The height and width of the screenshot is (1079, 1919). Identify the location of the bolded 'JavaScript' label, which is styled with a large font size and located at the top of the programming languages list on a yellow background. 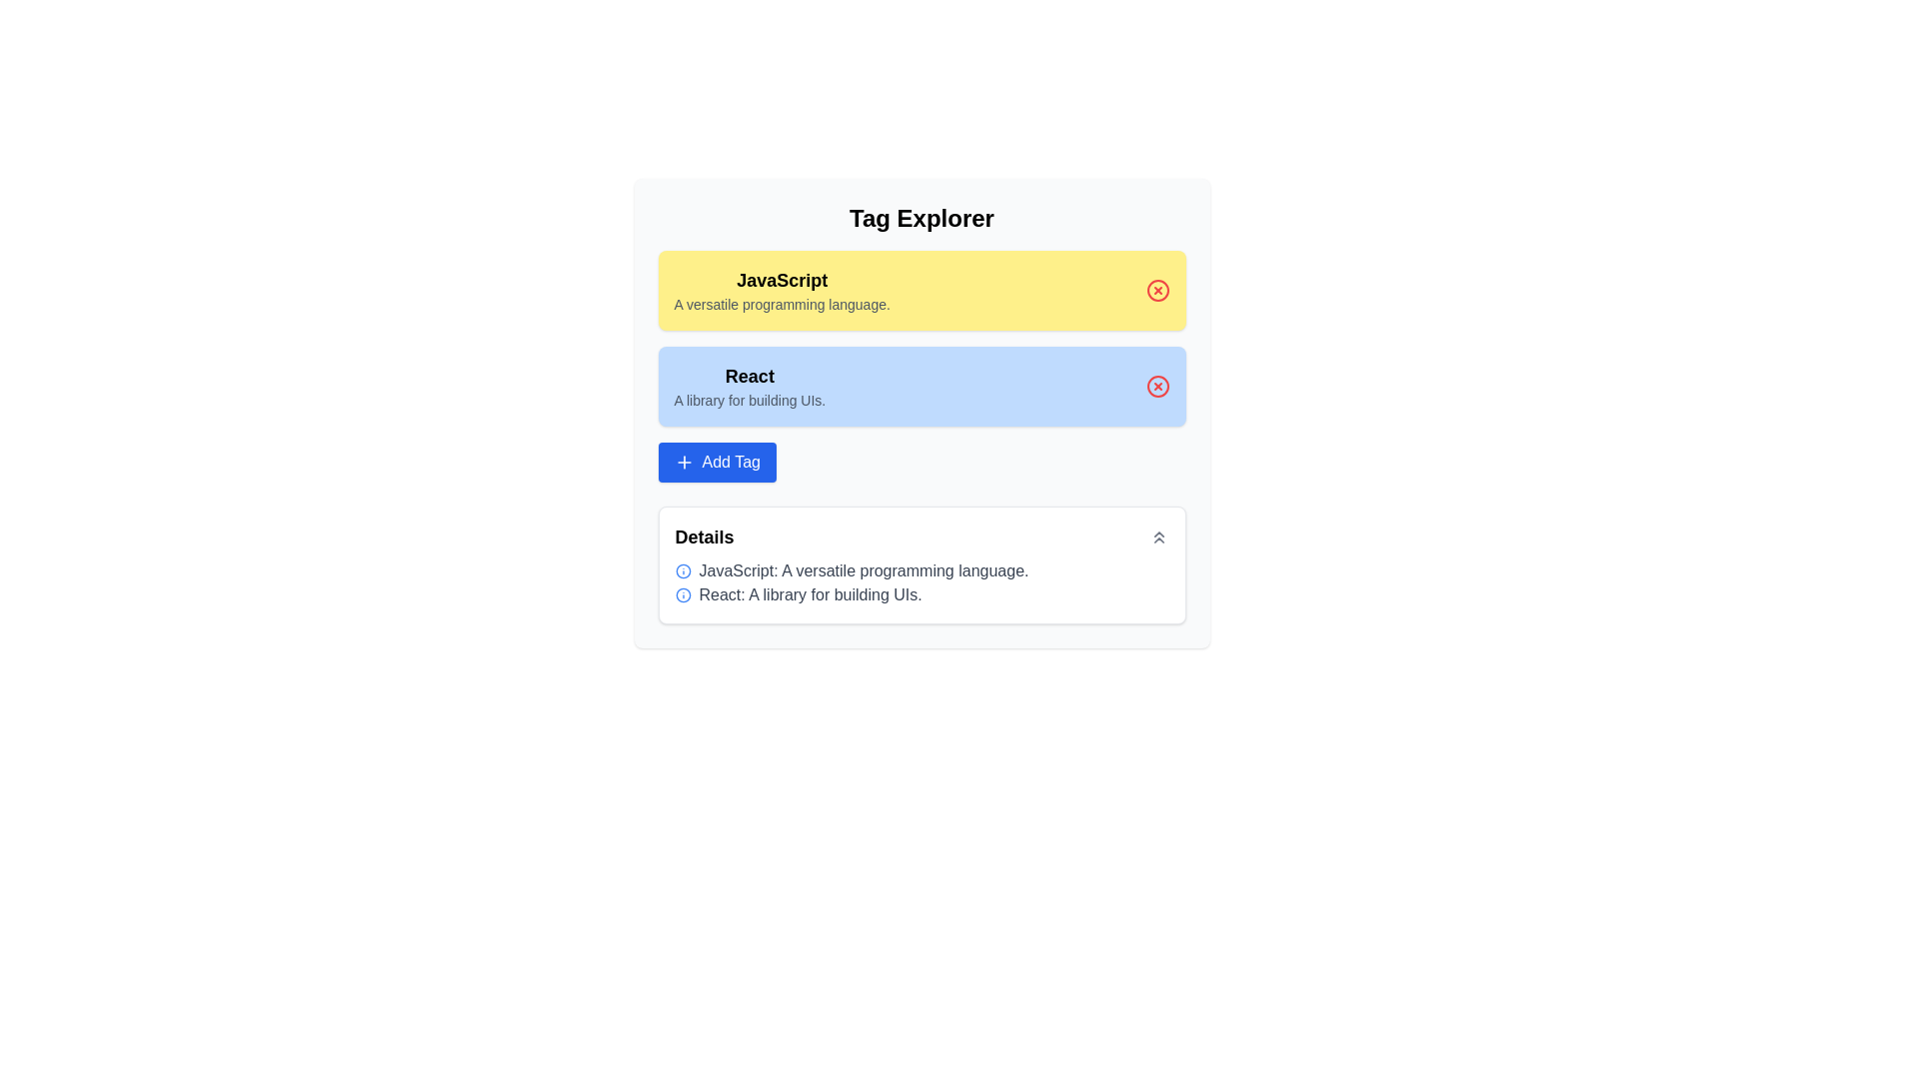
(781, 281).